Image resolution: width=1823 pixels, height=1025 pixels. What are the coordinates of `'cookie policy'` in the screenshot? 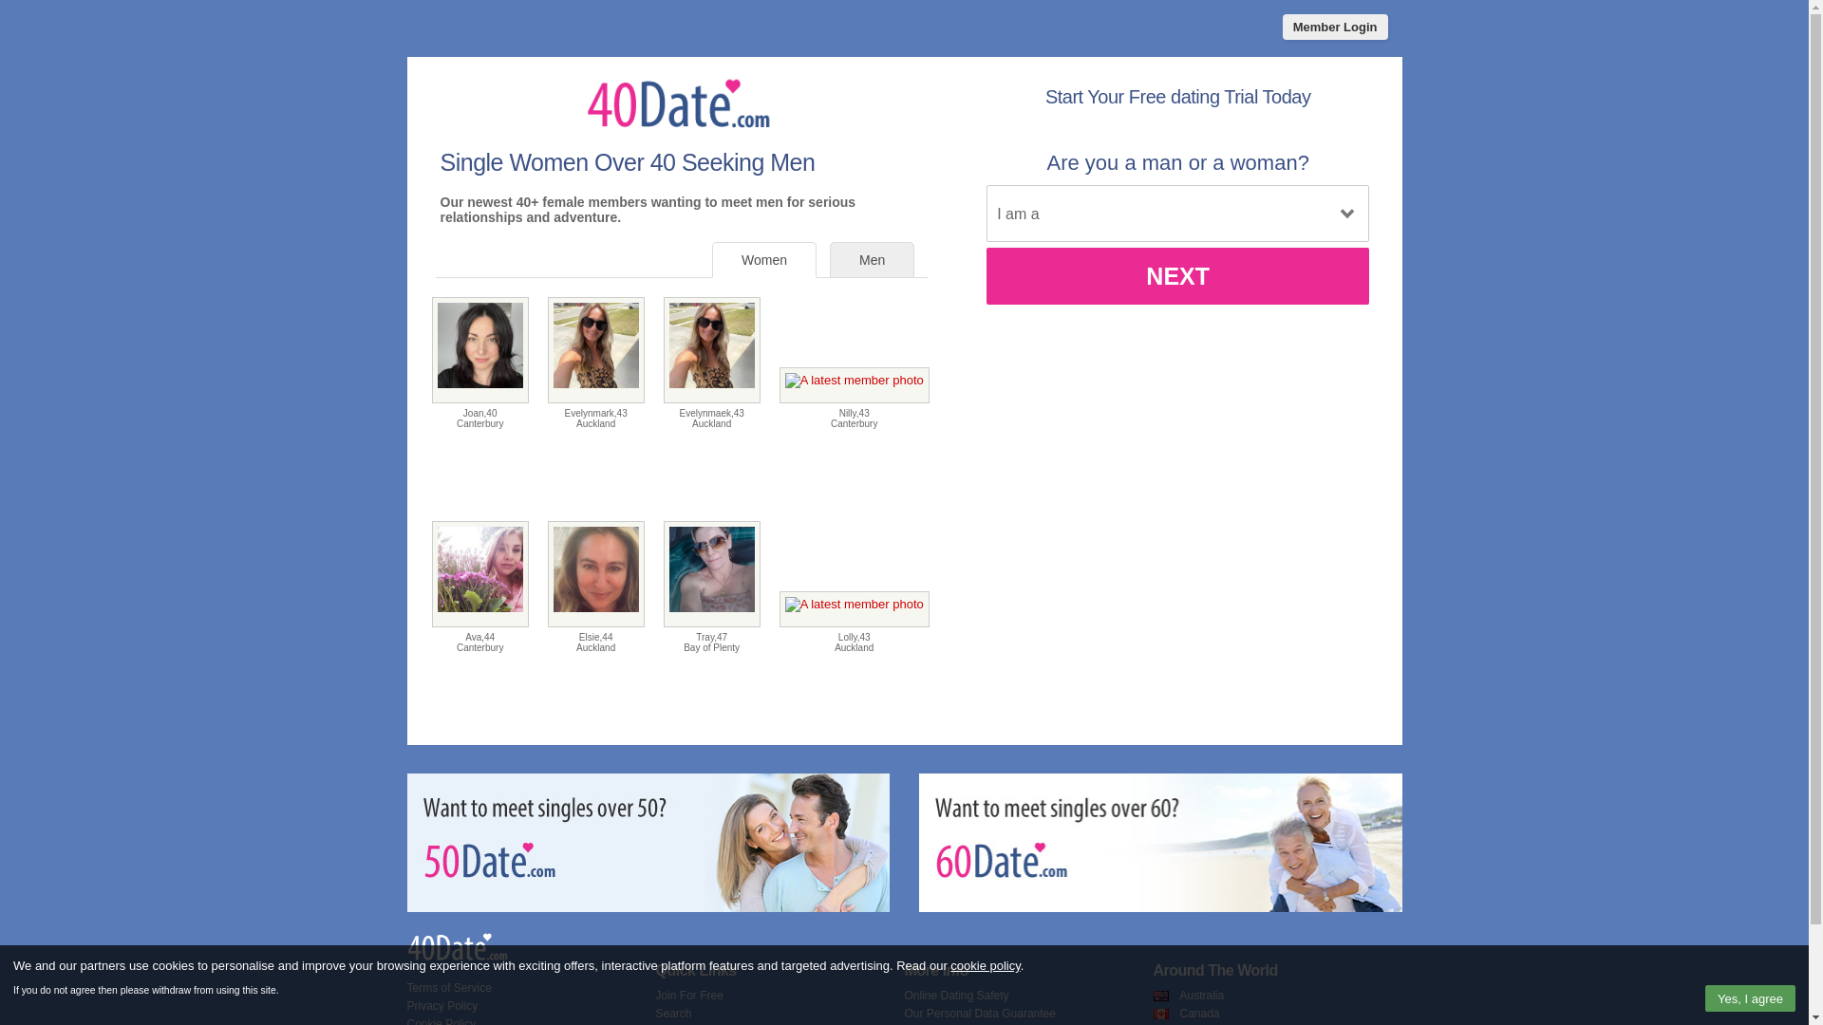 It's located at (985, 965).